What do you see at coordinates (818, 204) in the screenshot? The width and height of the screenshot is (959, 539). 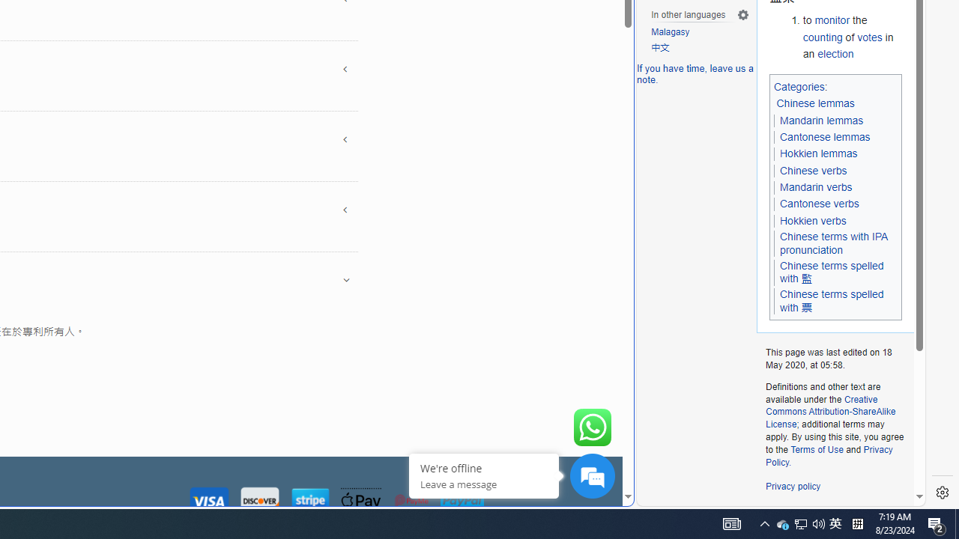 I see `'Cantonese verbs'` at bounding box center [818, 204].